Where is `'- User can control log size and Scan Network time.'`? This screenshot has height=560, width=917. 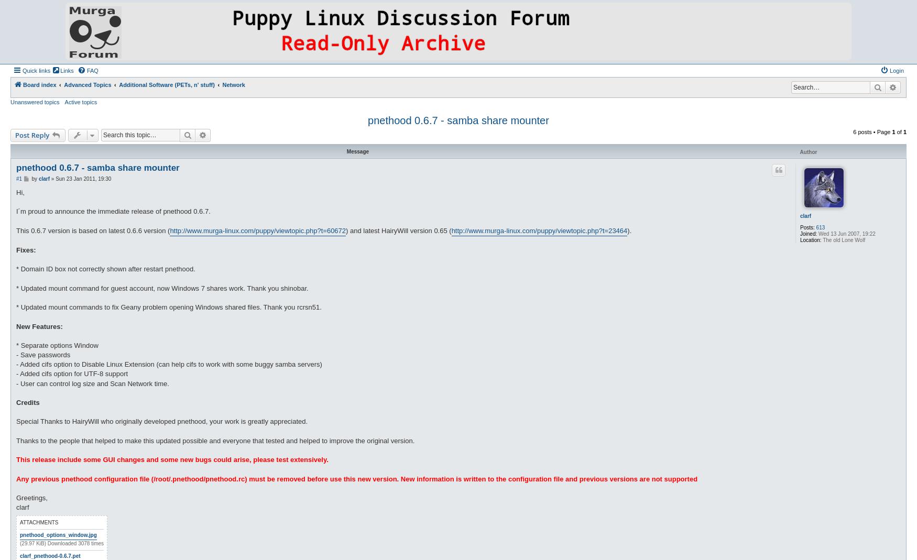
'- User can control log size and Scan Network time.' is located at coordinates (92, 382).